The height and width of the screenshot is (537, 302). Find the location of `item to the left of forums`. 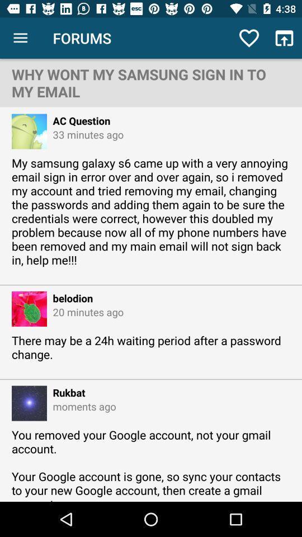

item to the left of forums is located at coordinates (20, 38).